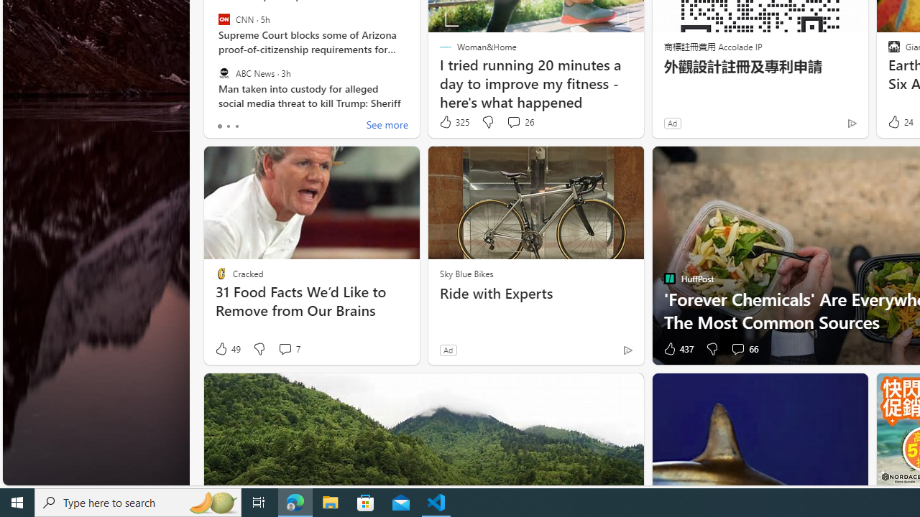 The image size is (920, 517). I want to click on 'View comments 26 Comment', so click(513, 121).